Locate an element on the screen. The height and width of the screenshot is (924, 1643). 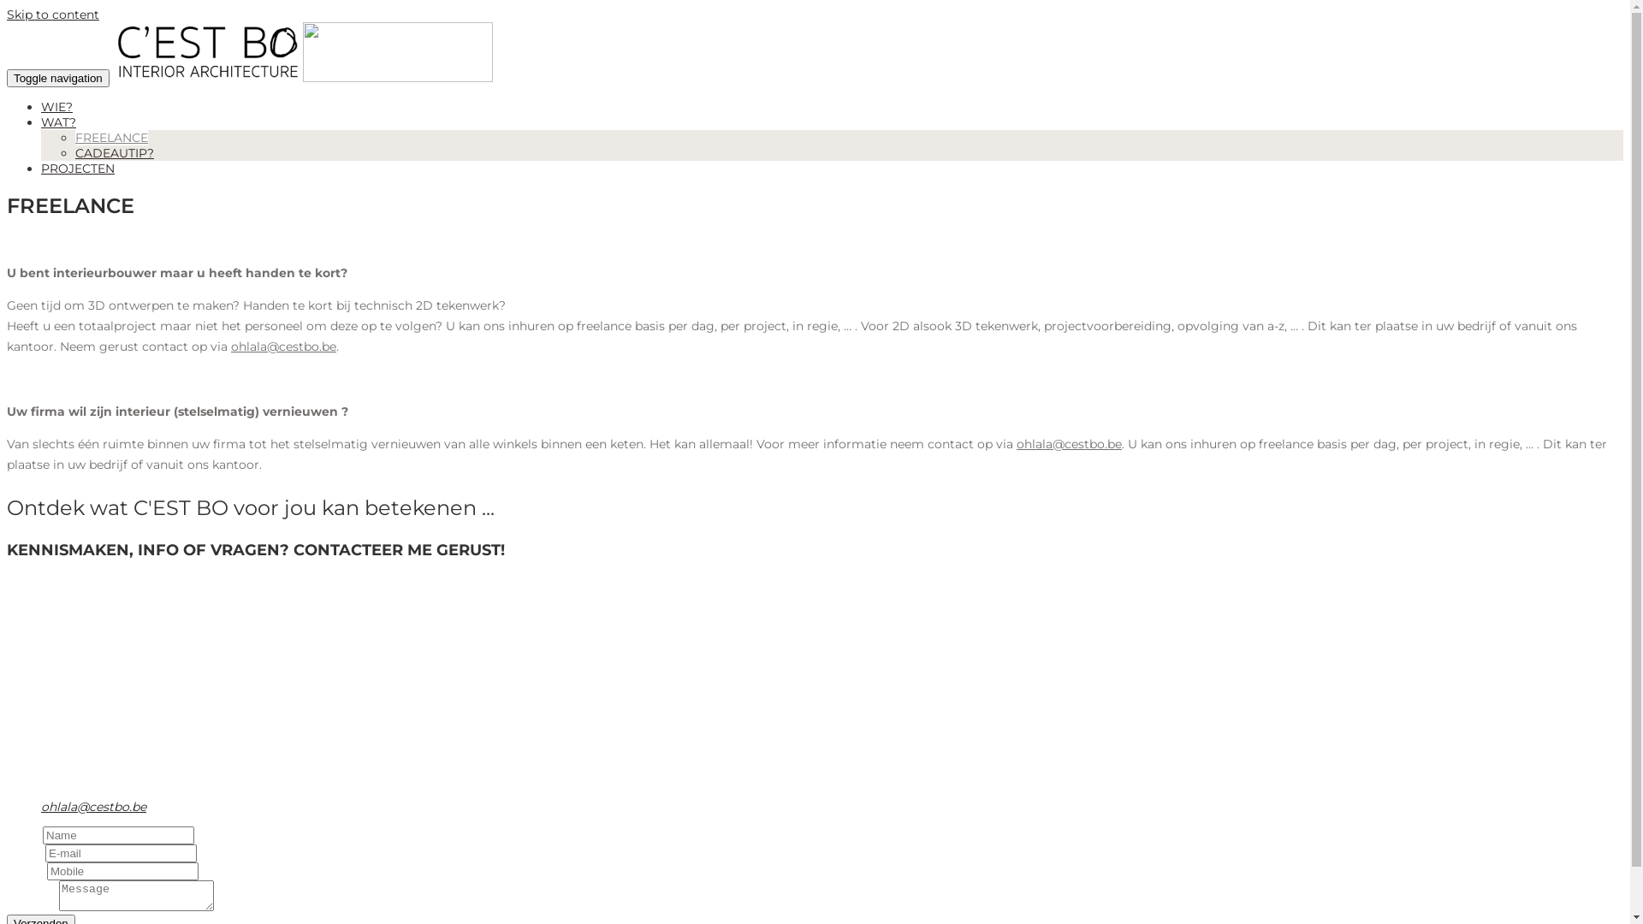
'PROJECTEN' is located at coordinates (41, 168).